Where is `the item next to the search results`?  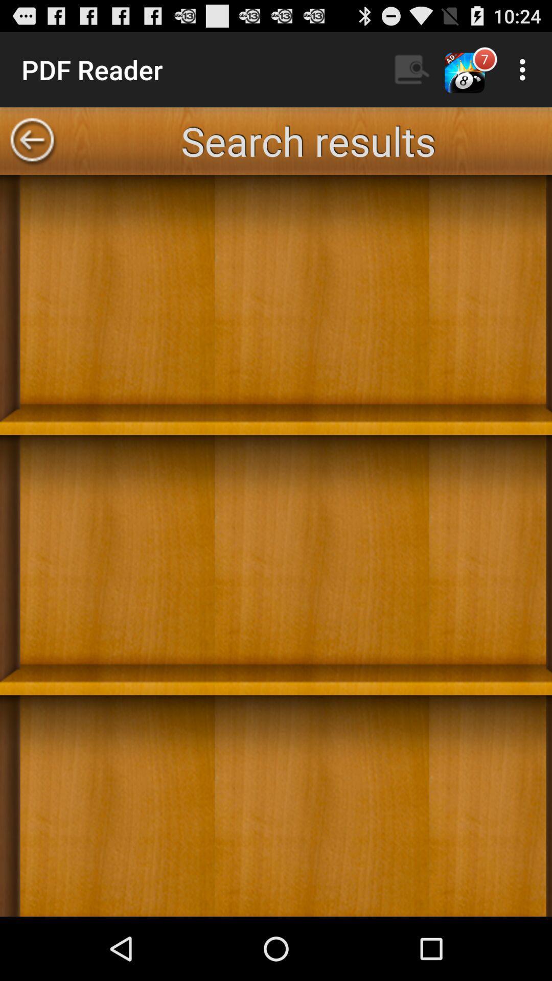 the item next to the search results is located at coordinates (31, 141).